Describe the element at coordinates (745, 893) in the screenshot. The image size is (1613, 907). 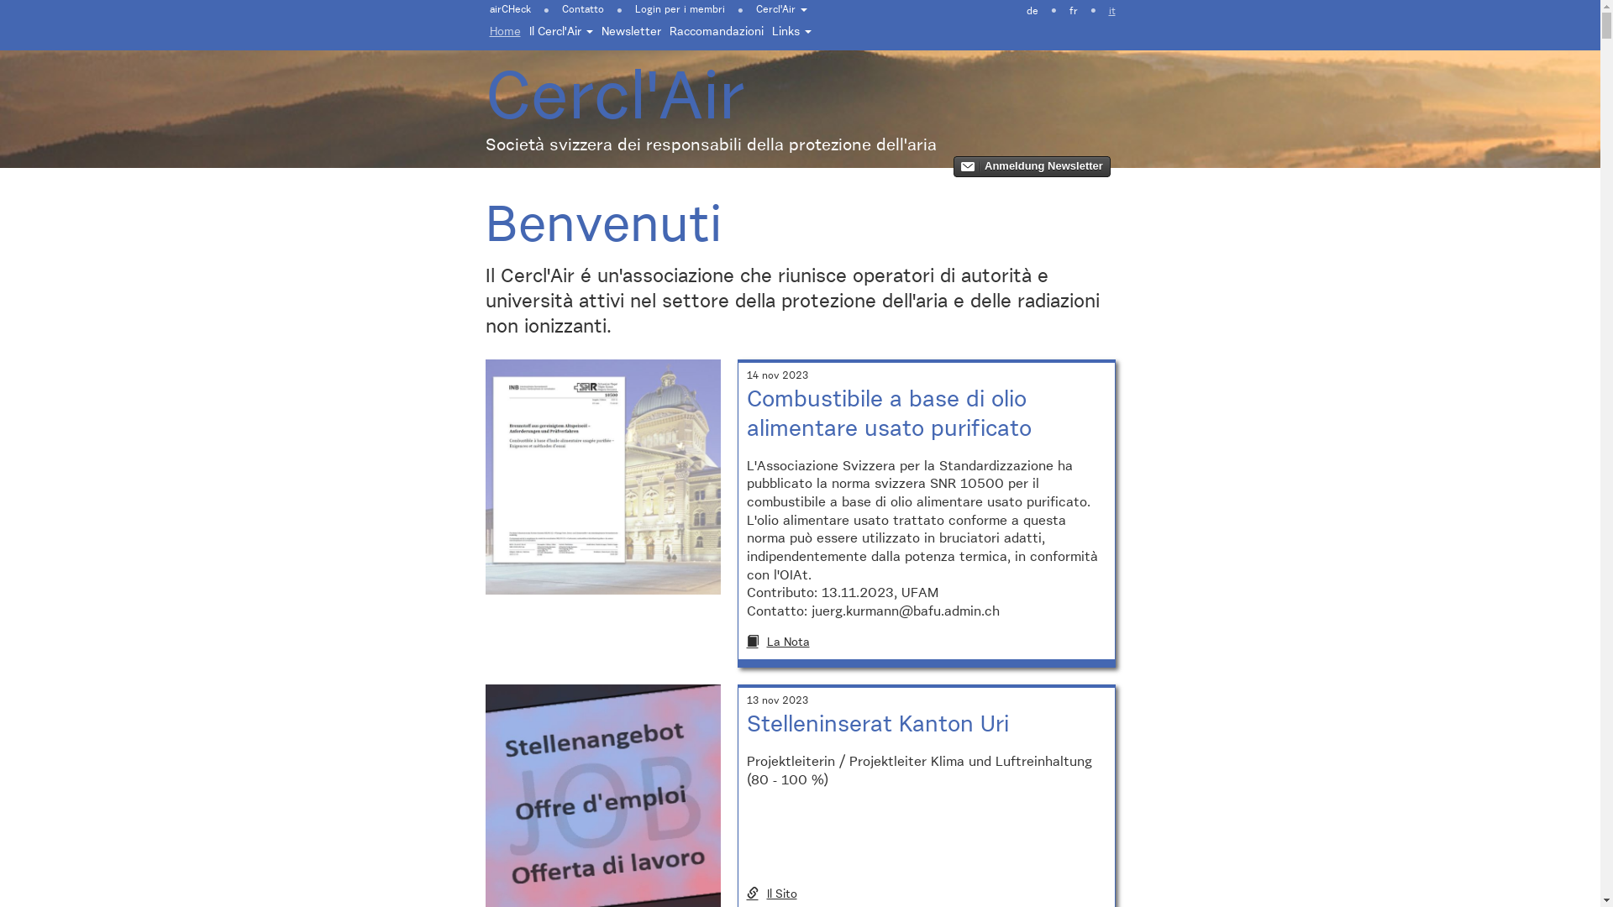
I see `'Il Sito'` at that location.